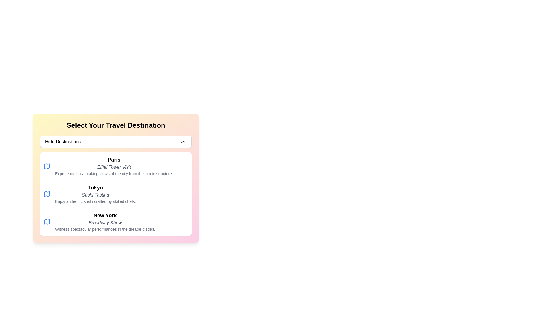  Describe the element at coordinates (114, 173) in the screenshot. I see `informational text block displaying 'Experience breathtaking views of the city from the iconic structure.' located below the italicized text 'Eiffel Tower Visit.'` at that location.